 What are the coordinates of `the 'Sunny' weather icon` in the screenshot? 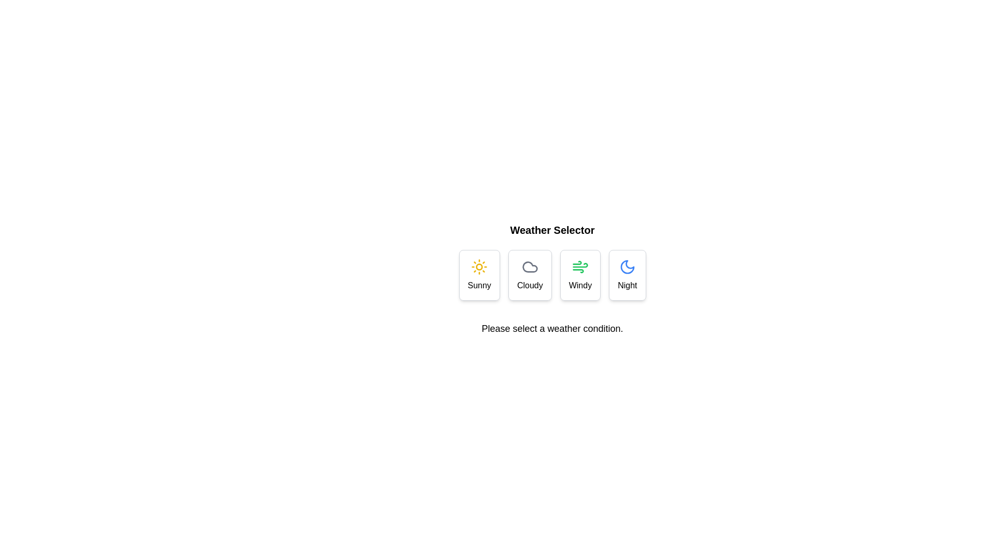 It's located at (479, 267).